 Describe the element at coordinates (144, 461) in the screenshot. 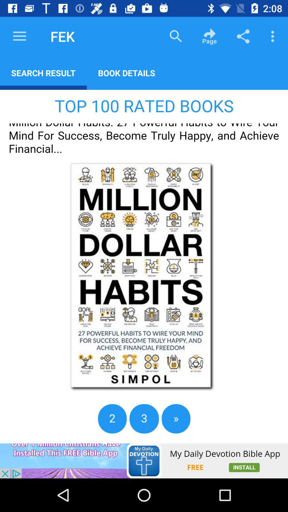

I see `advertisement` at that location.